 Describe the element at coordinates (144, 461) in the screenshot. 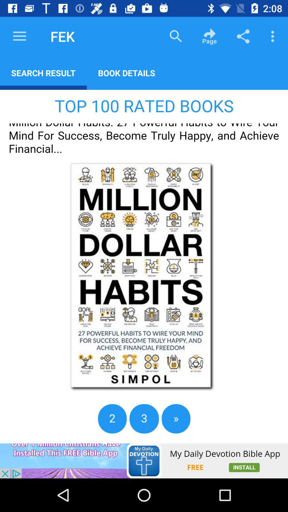

I see `advertisement` at that location.